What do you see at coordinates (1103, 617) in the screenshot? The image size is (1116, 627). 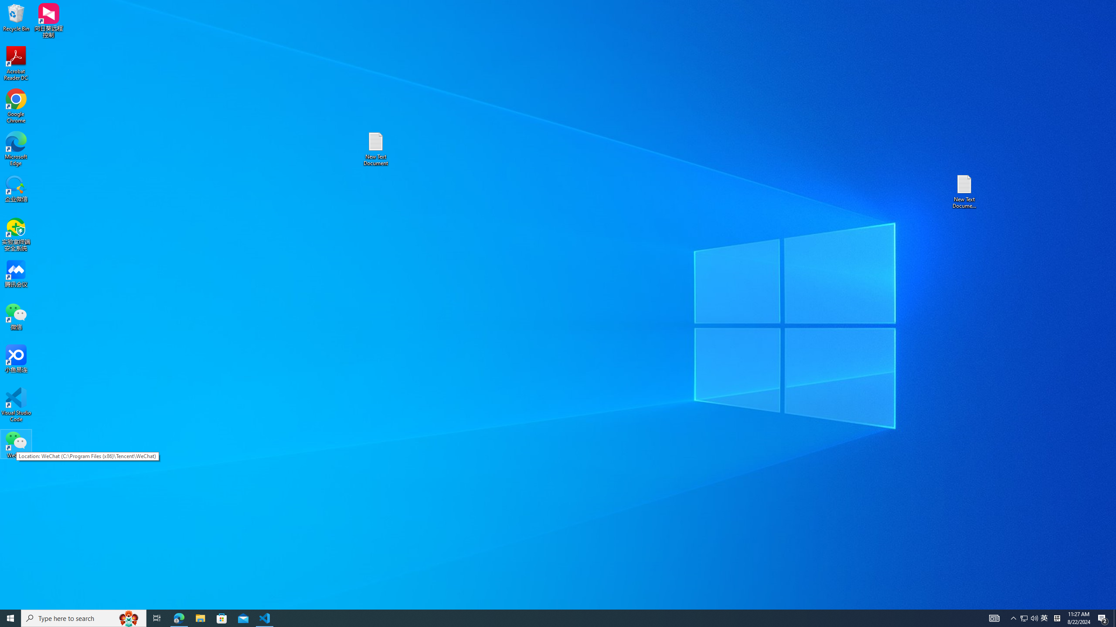 I see `'Action Center, 2 new notifications'` at bounding box center [1103, 617].